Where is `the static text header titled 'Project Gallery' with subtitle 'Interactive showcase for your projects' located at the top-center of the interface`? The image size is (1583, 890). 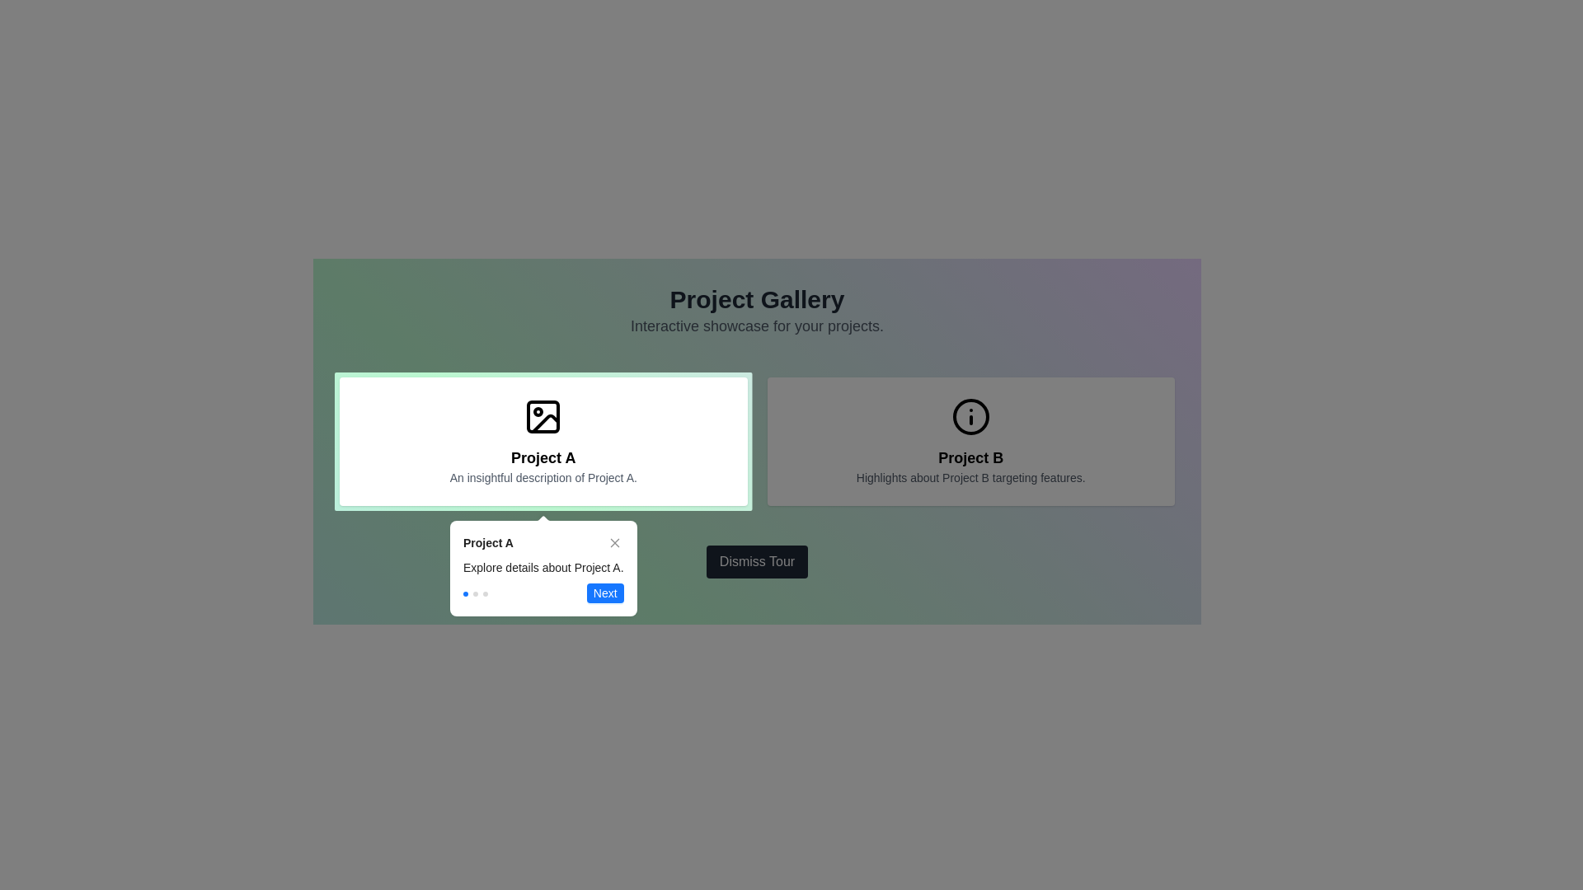
the static text header titled 'Project Gallery' with subtitle 'Interactive showcase for your projects' located at the top-center of the interface is located at coordinates (756, 311).